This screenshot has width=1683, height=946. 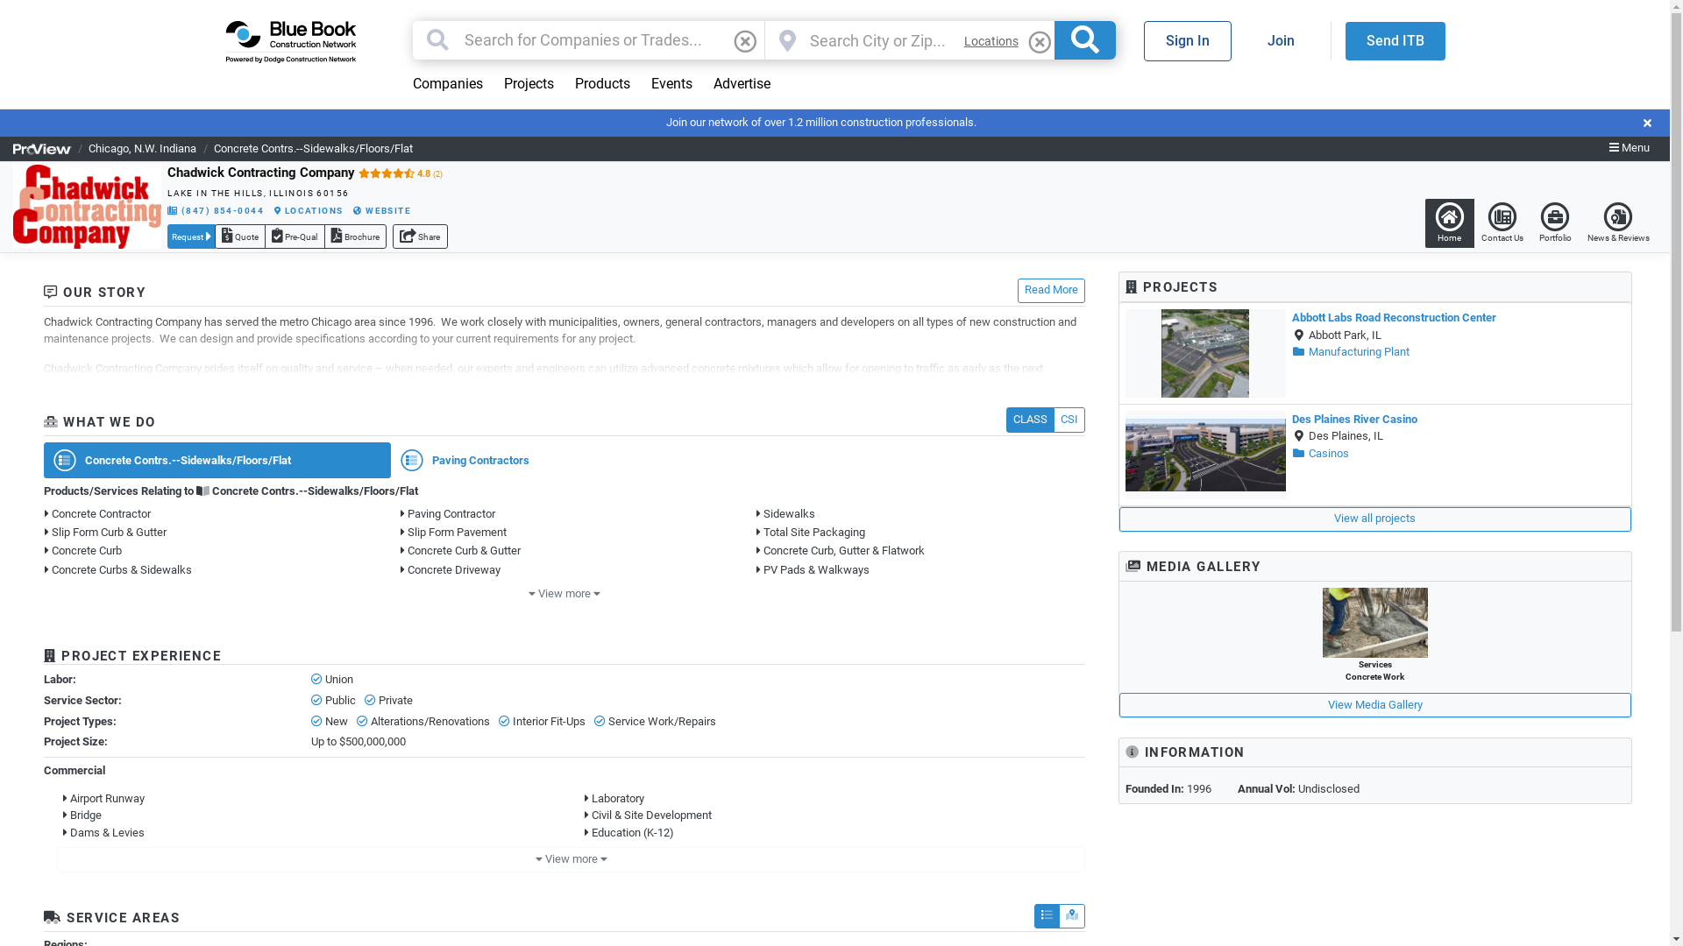 I want to click on 'Quote', so click(x=238, y=236).